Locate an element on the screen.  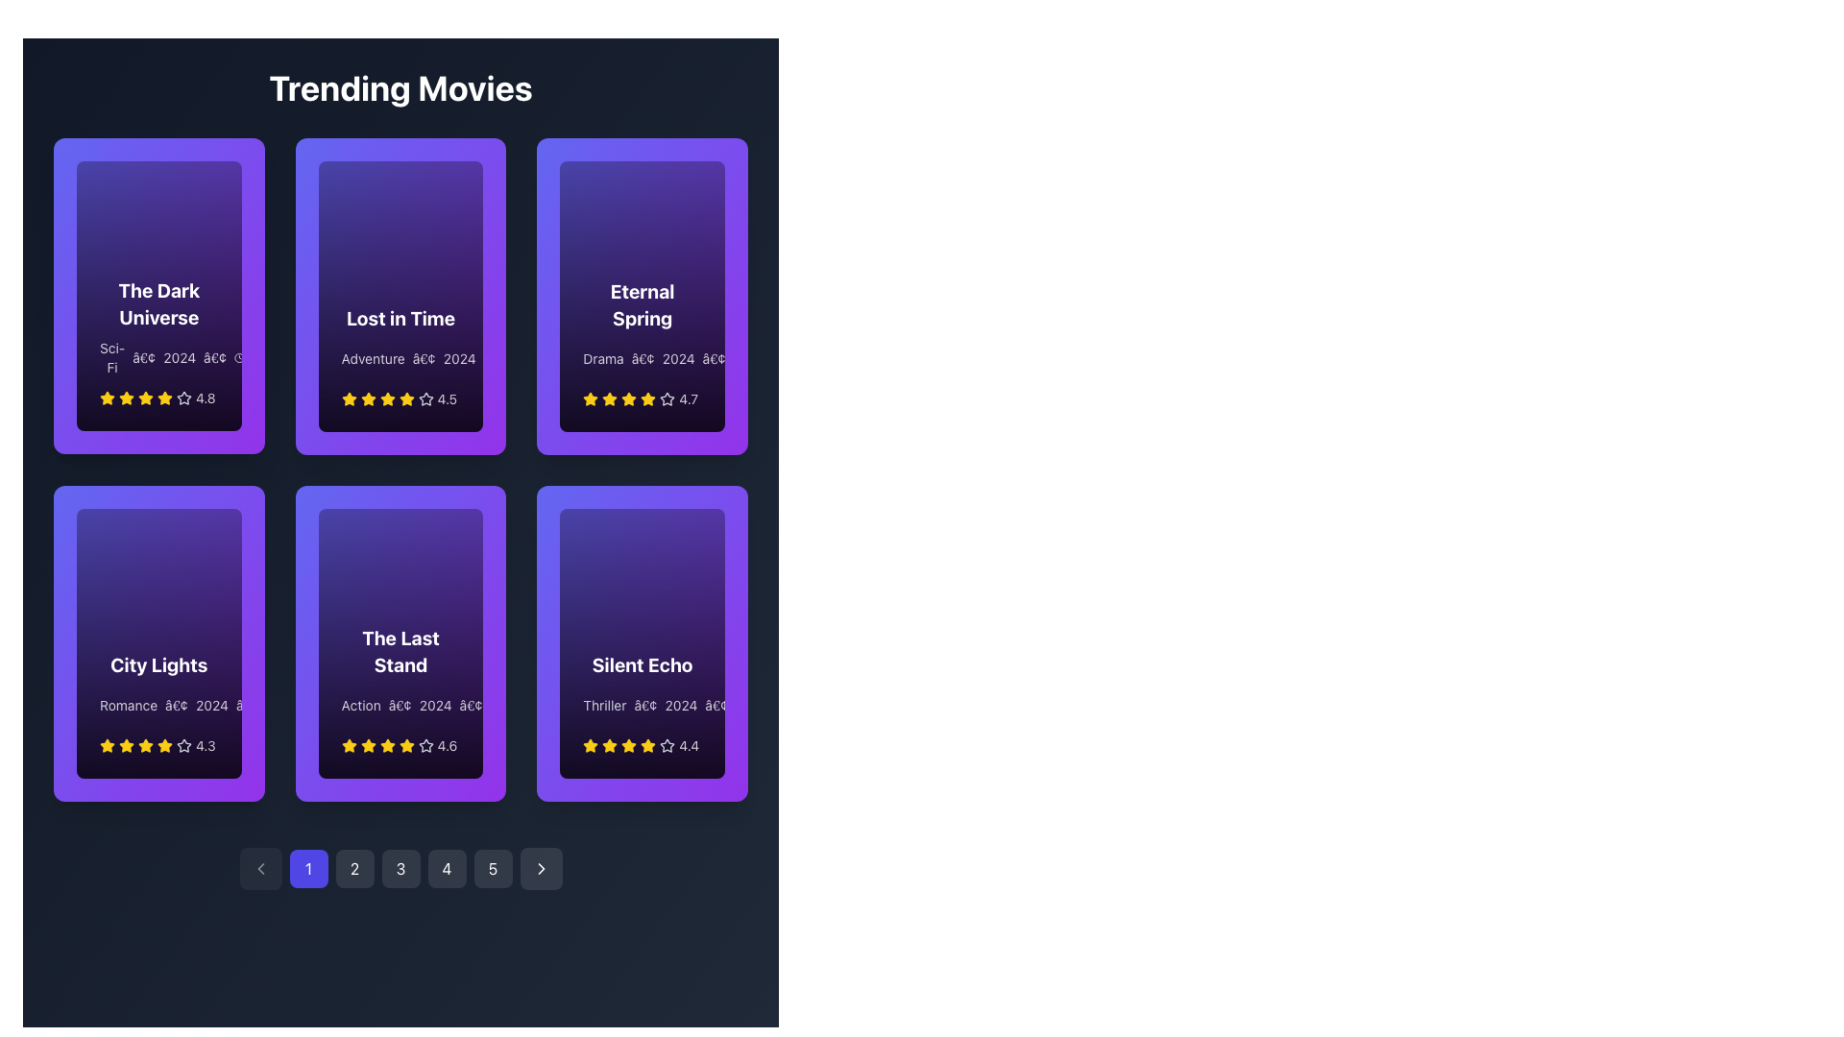
the play button located in the top-right corner of the card labeled 'Silent Echo' is located at coordinates (681, 521).